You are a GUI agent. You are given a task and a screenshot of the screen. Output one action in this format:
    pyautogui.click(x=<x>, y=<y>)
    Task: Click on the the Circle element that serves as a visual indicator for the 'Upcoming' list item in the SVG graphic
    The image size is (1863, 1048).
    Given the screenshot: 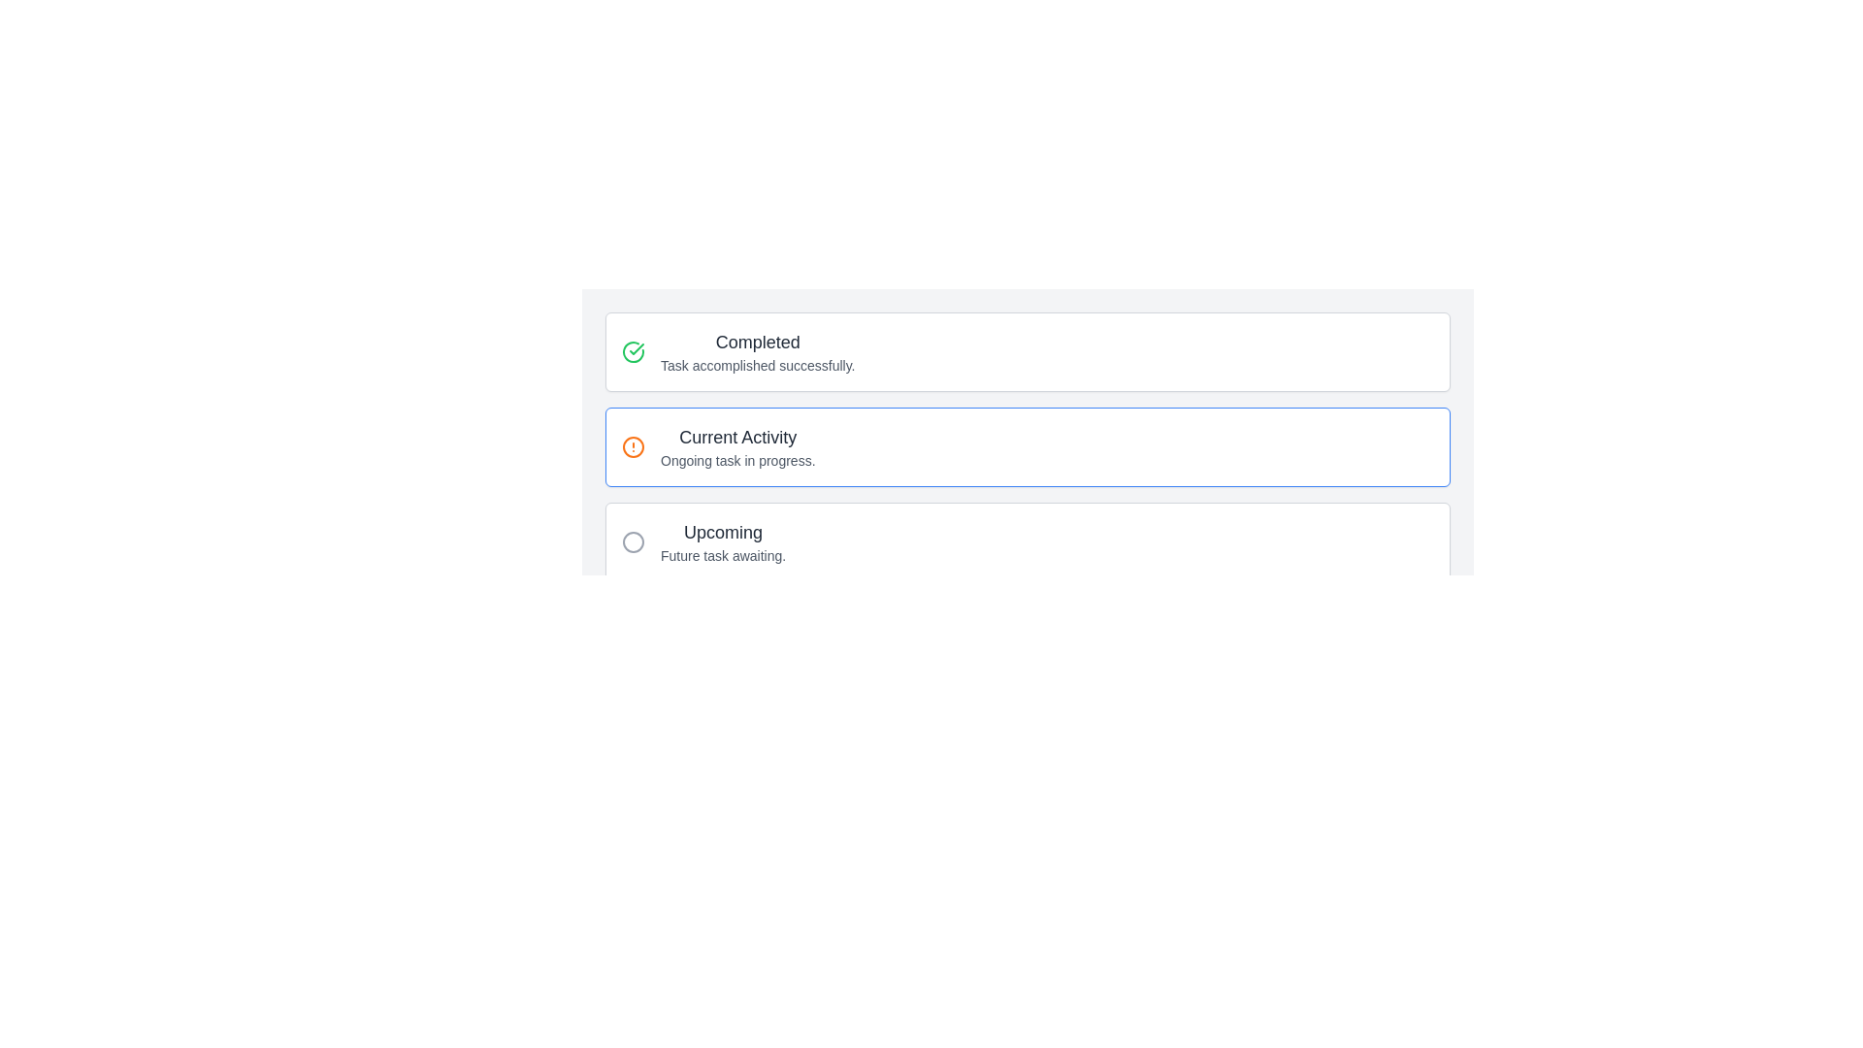 What is the action you would take?
    pyautogui.click(x=633, y=542)
    